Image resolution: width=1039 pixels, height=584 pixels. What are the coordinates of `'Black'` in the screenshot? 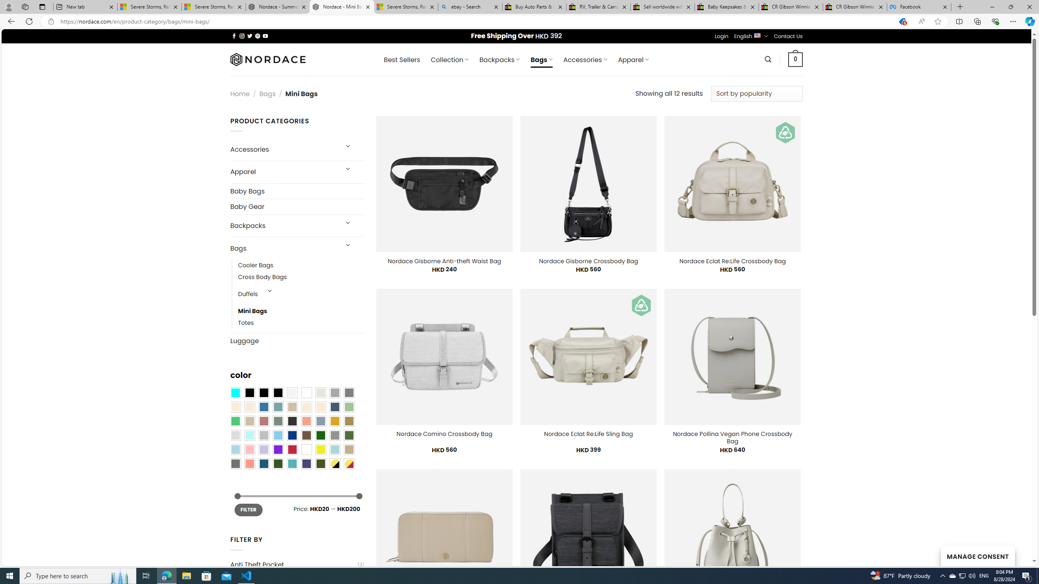 It's located at (263, 393).